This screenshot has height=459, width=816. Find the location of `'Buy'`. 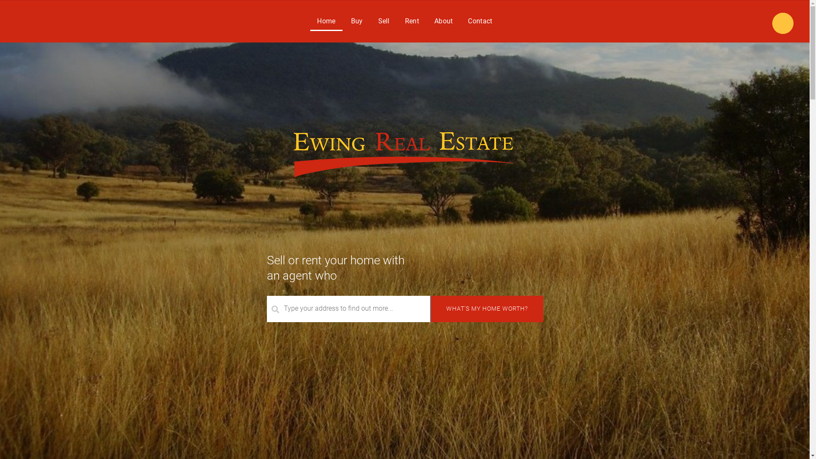

'Buy' is located at coordinates (357, 21).